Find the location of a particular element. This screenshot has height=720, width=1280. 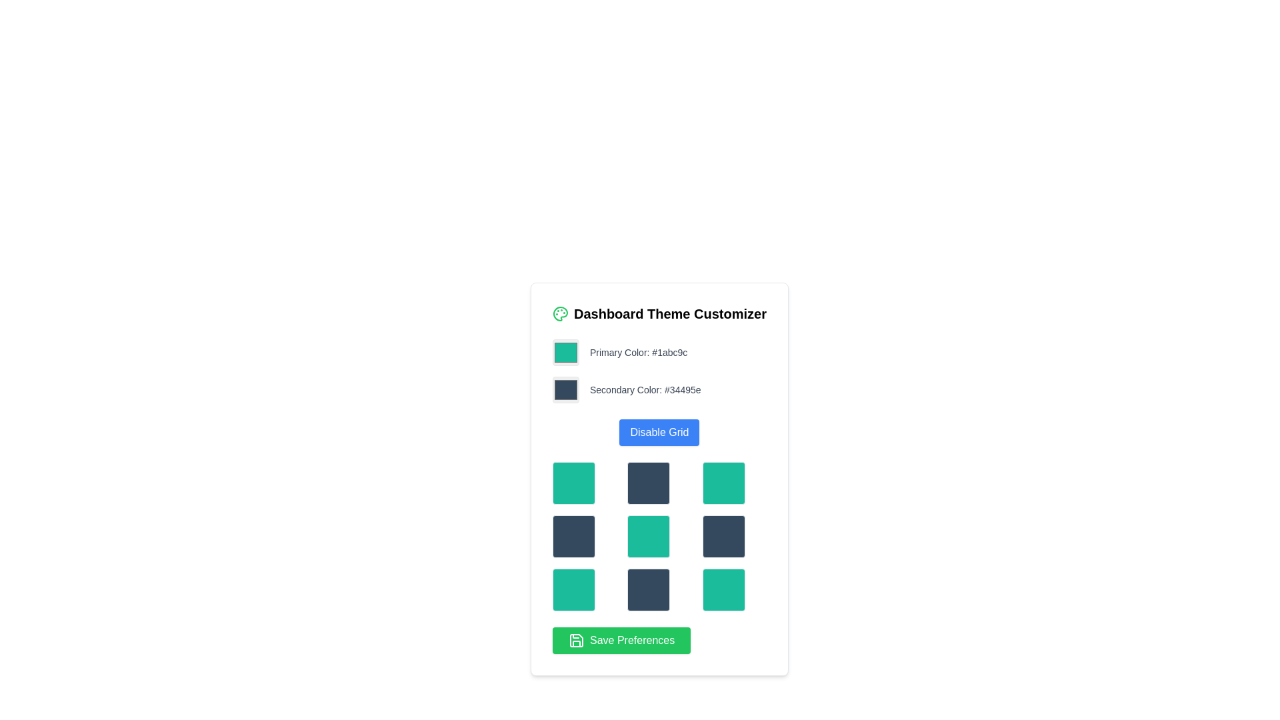

the leftmost Selectable Tile in the second row of a 3x3 grid, which has a dark blue background and rounded corners is located at coordinates (573, 536).